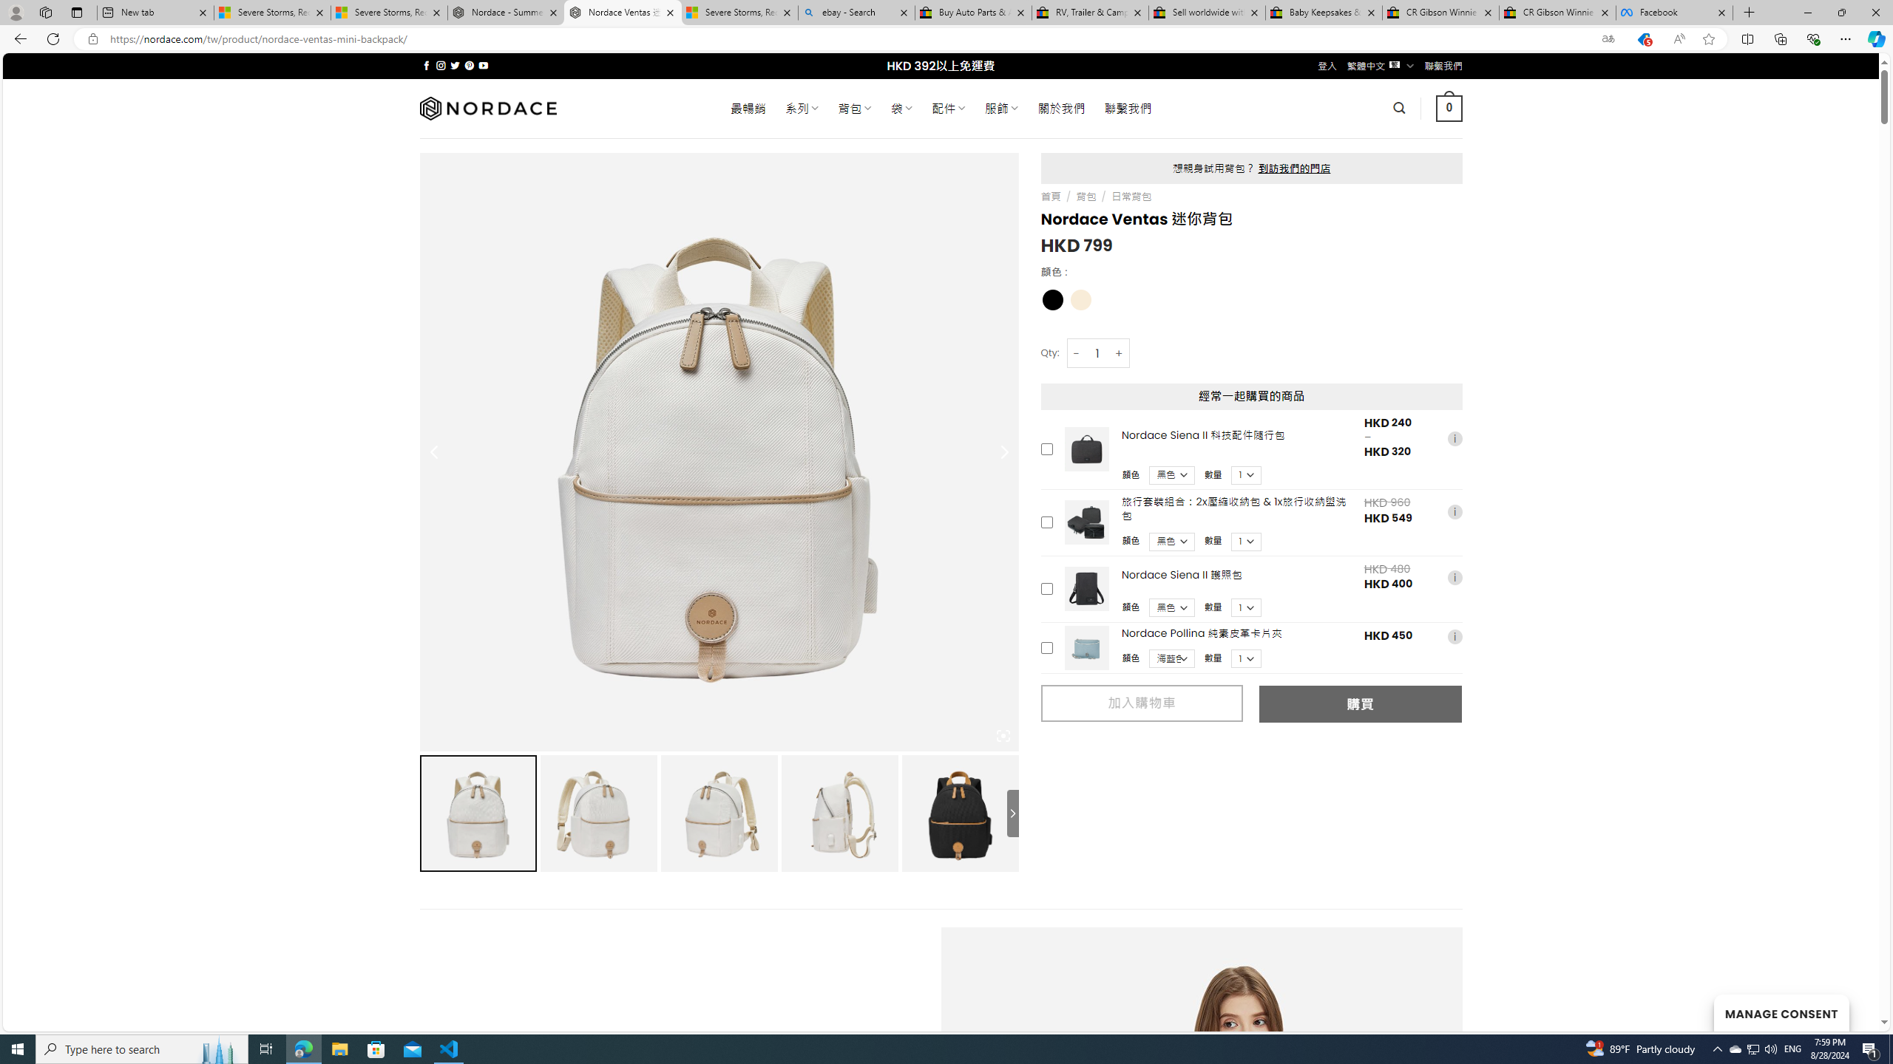 The height and width of the screenshot is (1064, 1893). I want to click on 'RV, Trailer & Camper Steps & Ladders for sale | eBay', so click(1089, 12).